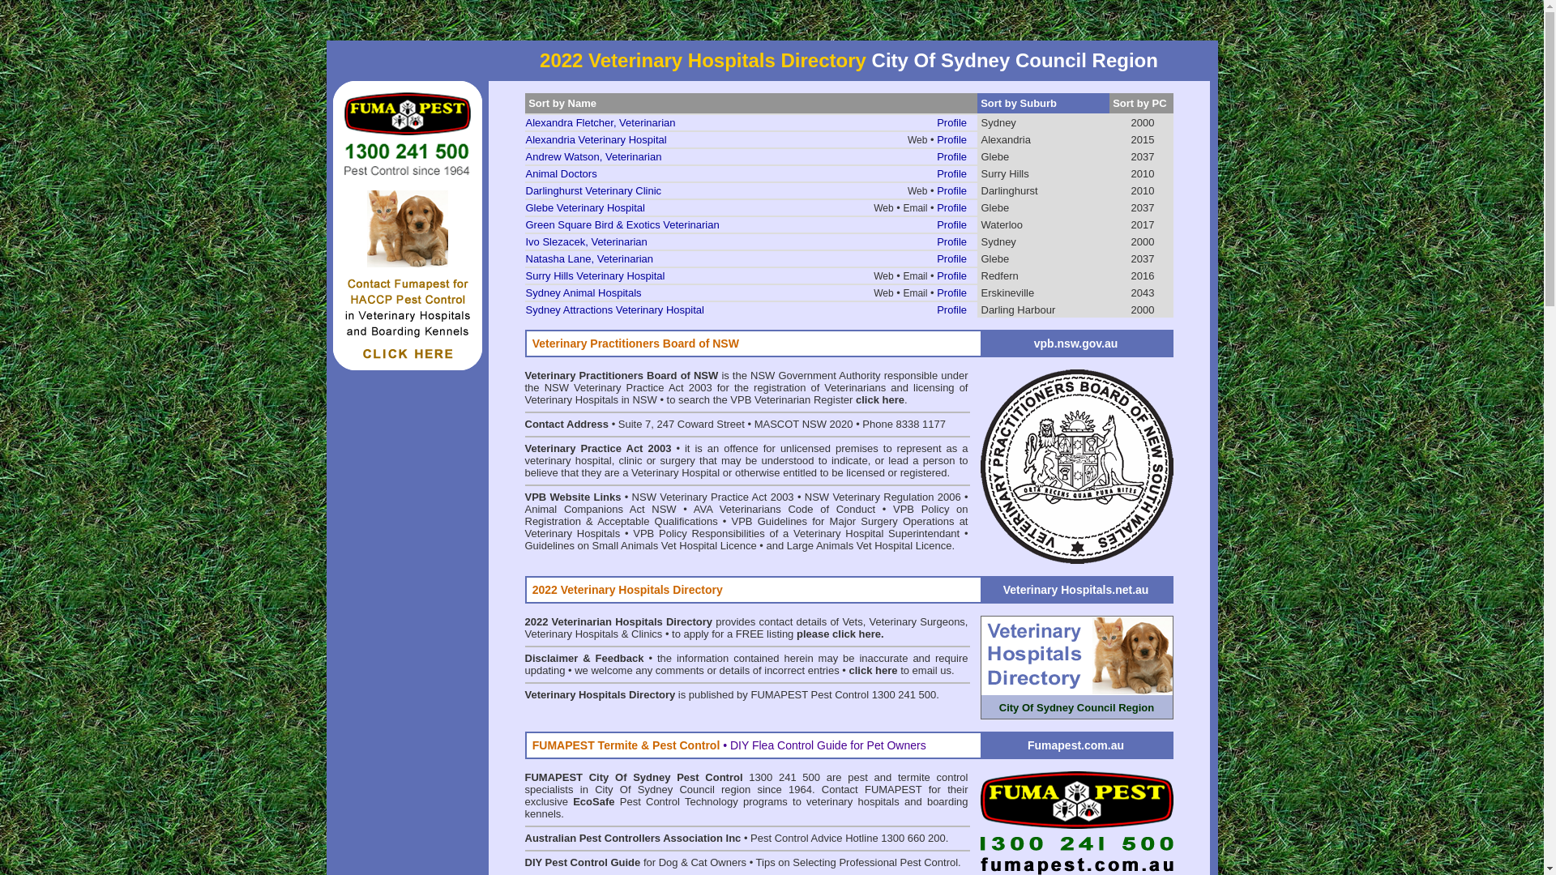  What do you see at coordinates (979, 122) in the screenshot?
I see `'Sydney'` at bounding box center [979, 122].